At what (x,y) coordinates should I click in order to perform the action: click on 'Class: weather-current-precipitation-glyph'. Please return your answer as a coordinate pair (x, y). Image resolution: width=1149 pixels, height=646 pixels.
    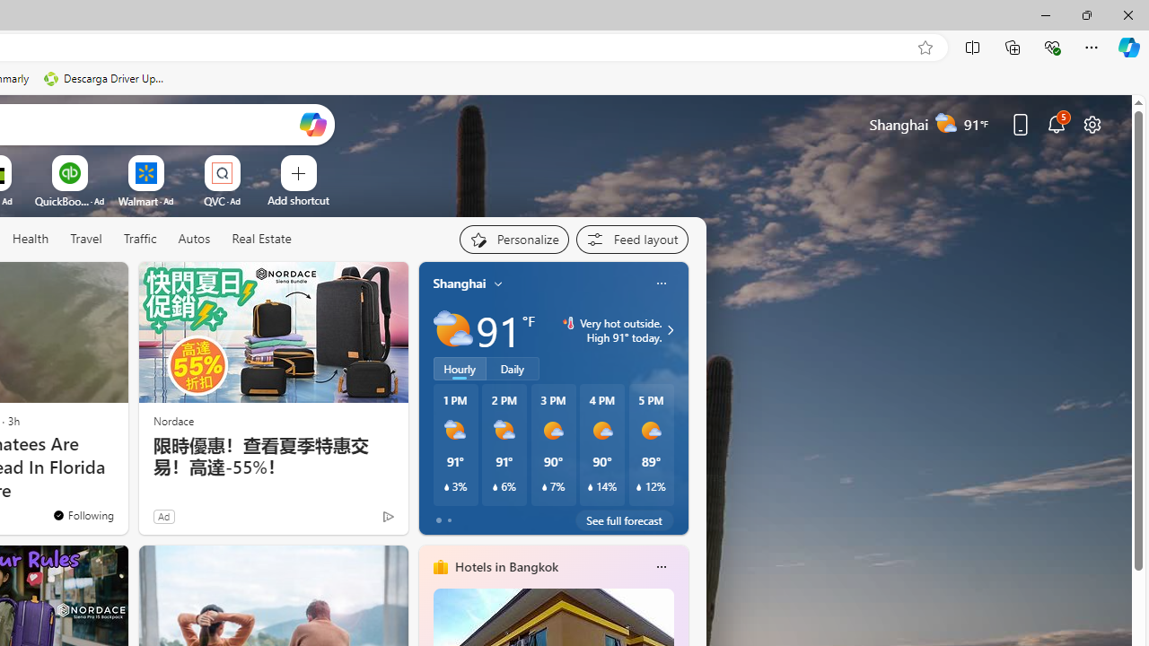
    Looking at the image, I should click on (639, 487).